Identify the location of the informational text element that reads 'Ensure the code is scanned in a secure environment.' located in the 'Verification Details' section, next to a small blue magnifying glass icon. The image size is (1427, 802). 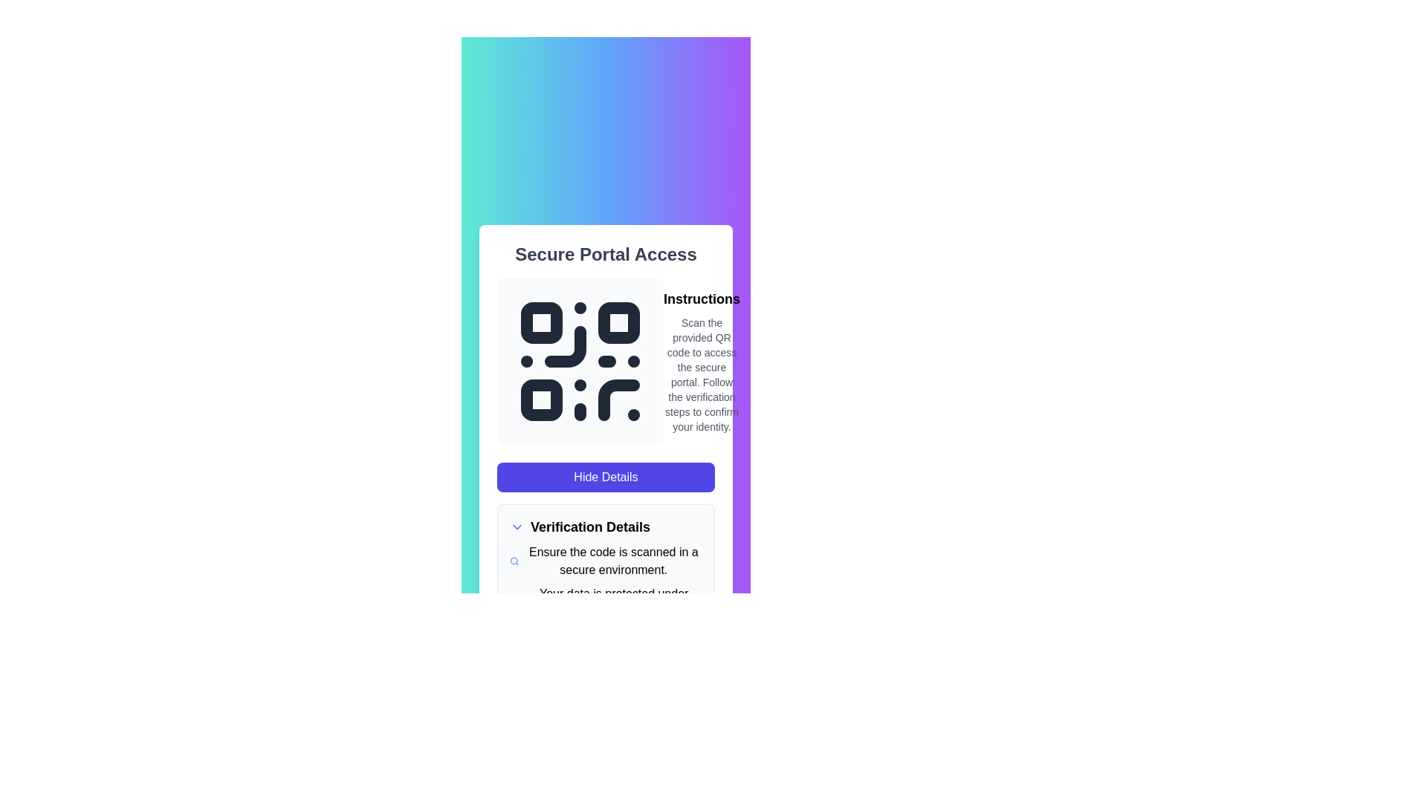
(606, 561).